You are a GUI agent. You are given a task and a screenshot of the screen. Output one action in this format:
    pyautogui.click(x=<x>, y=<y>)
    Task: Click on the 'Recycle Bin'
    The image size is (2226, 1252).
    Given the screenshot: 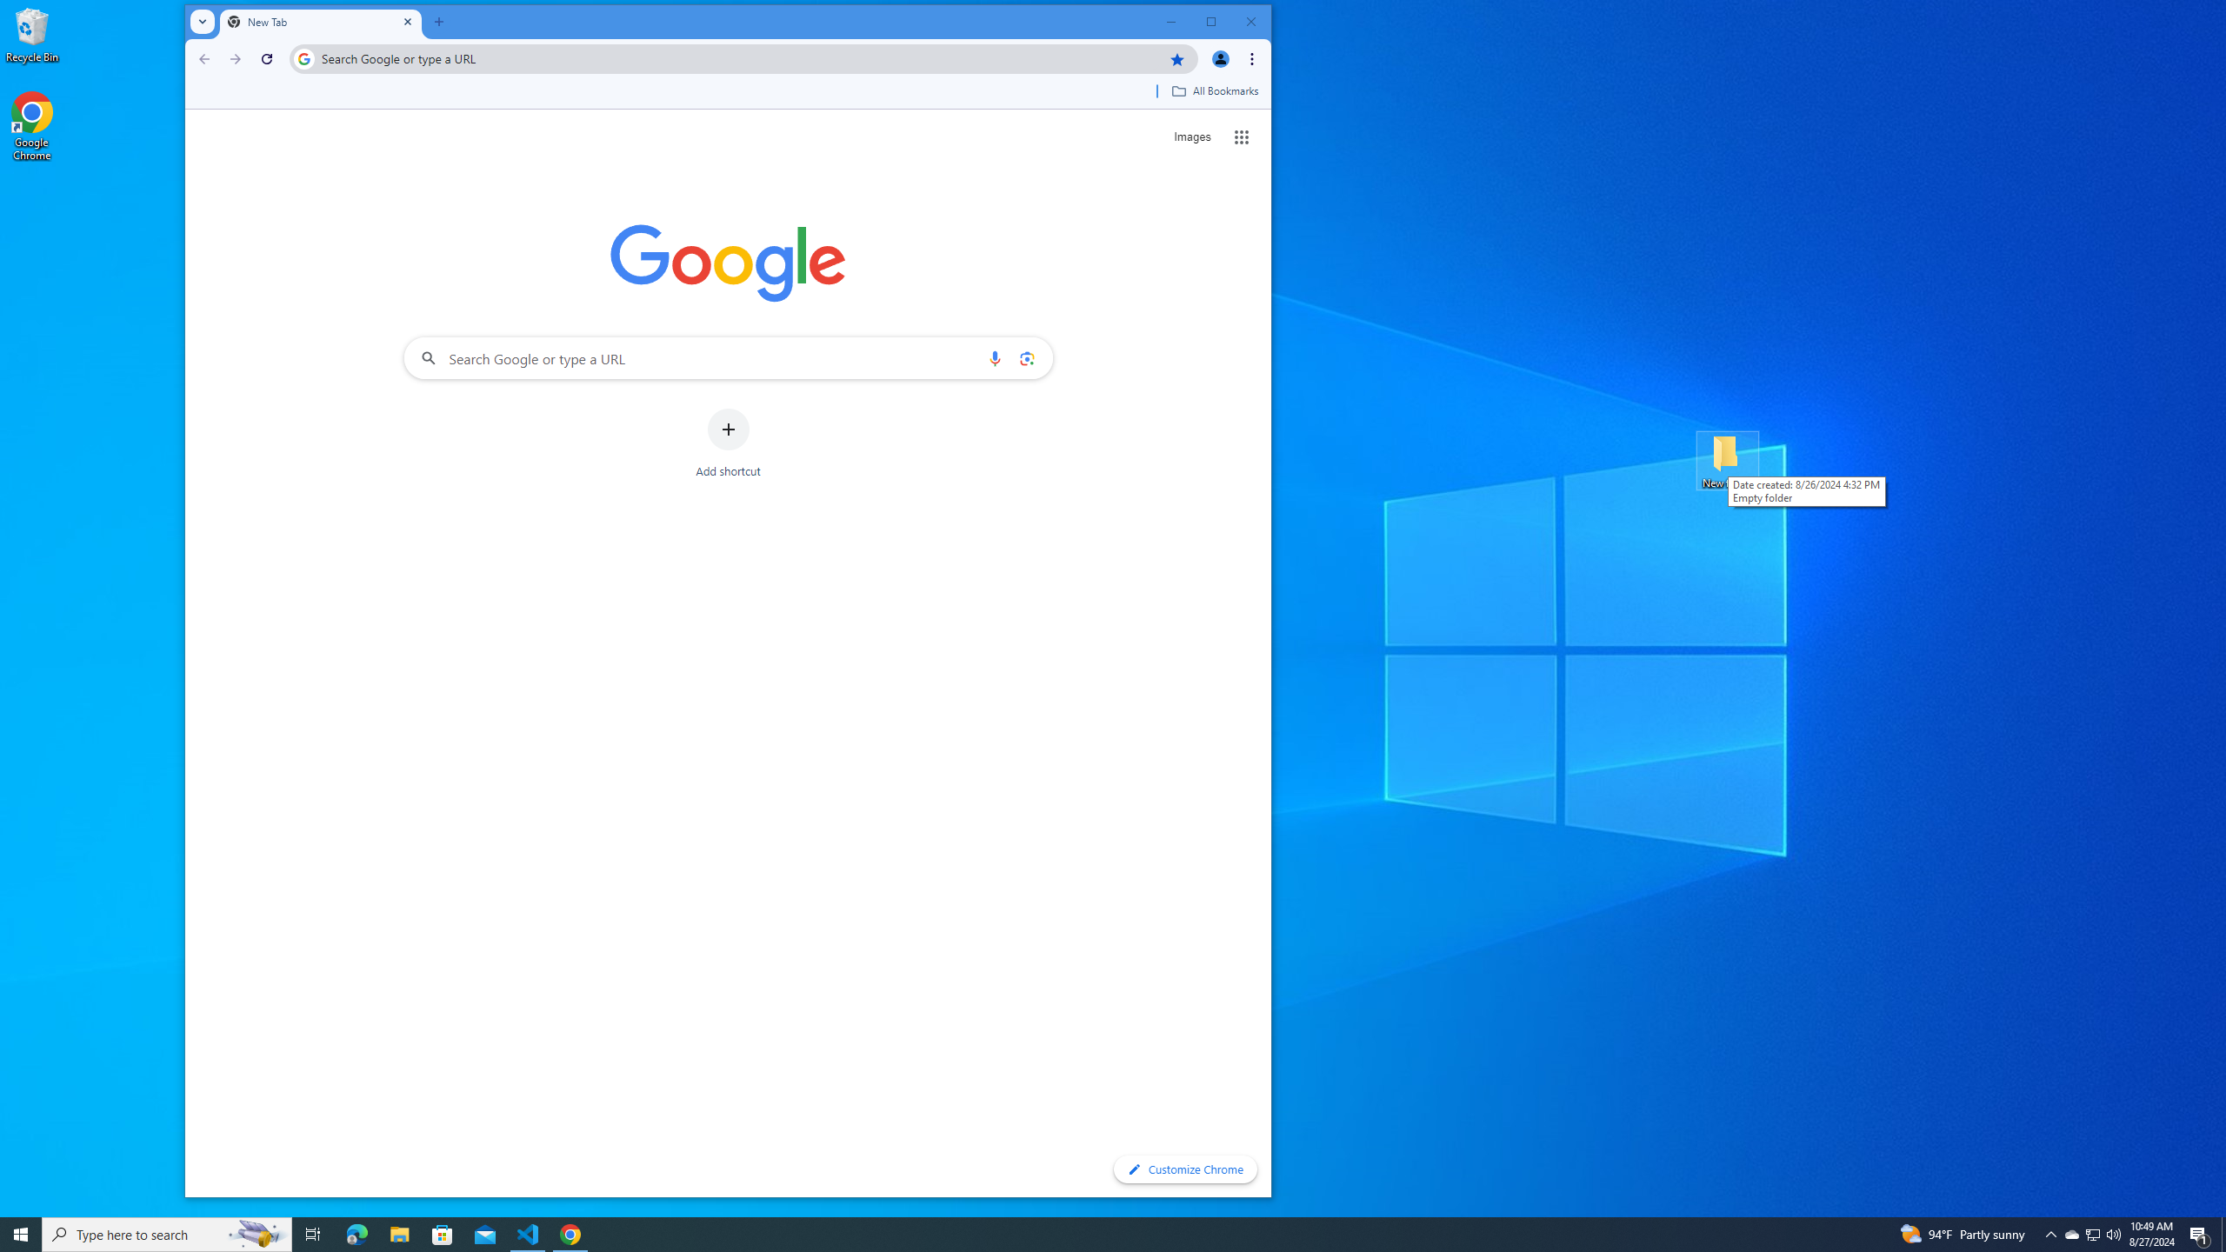 What is the action you would take?
    pyautogui.click(x=31, y=33)
    